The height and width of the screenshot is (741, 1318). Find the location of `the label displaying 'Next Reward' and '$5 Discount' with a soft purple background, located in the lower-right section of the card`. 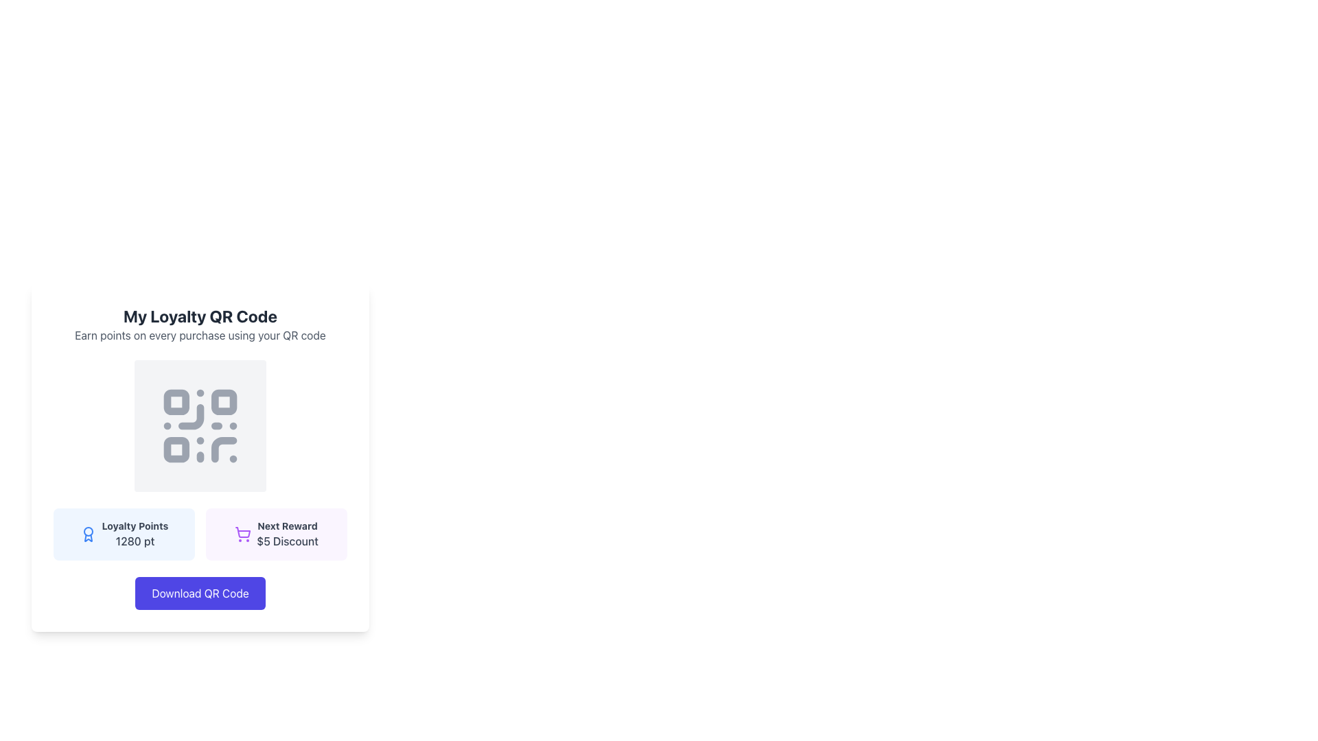

the label displaying 'Next Reward' and '$5 Discount' with a soft purple background, located in the lower-right section of the card is located at coordinates (286, 534).